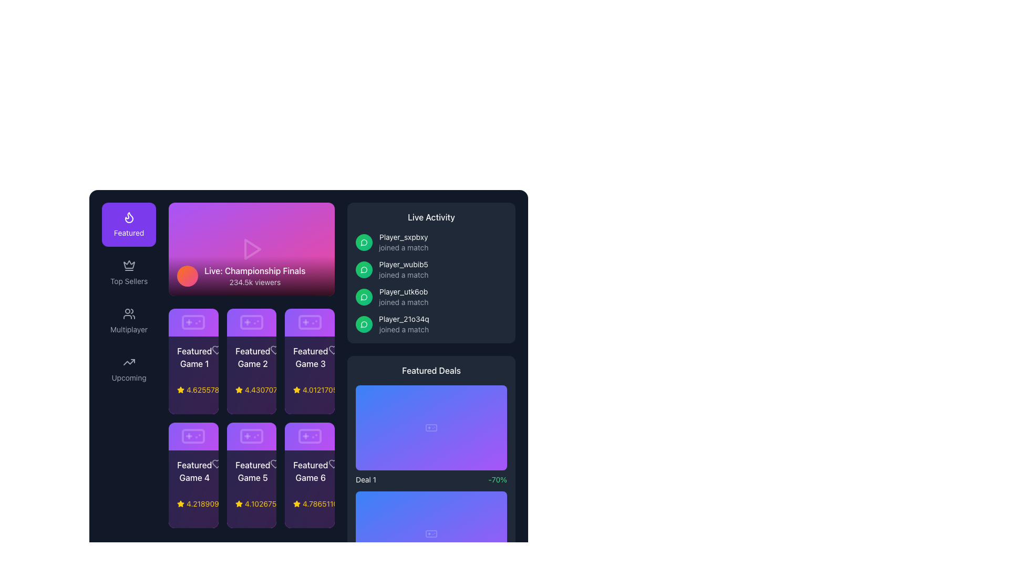 The width and height of the screenshot is (1009, 567). I want to click on the first game card in the grid located in the top-left corner, so click(193, 361).